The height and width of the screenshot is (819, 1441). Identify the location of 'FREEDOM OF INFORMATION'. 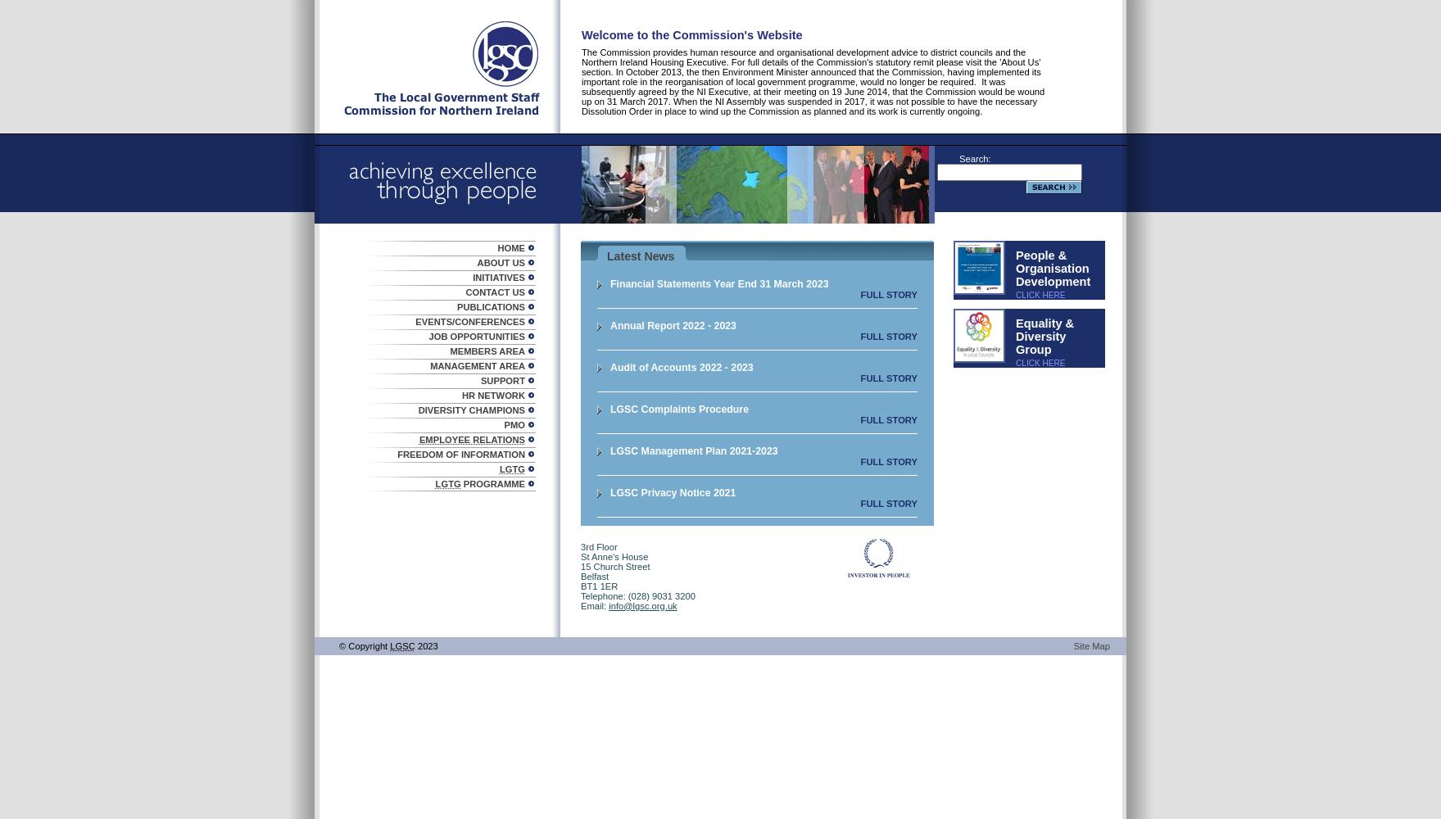
(460, 454).